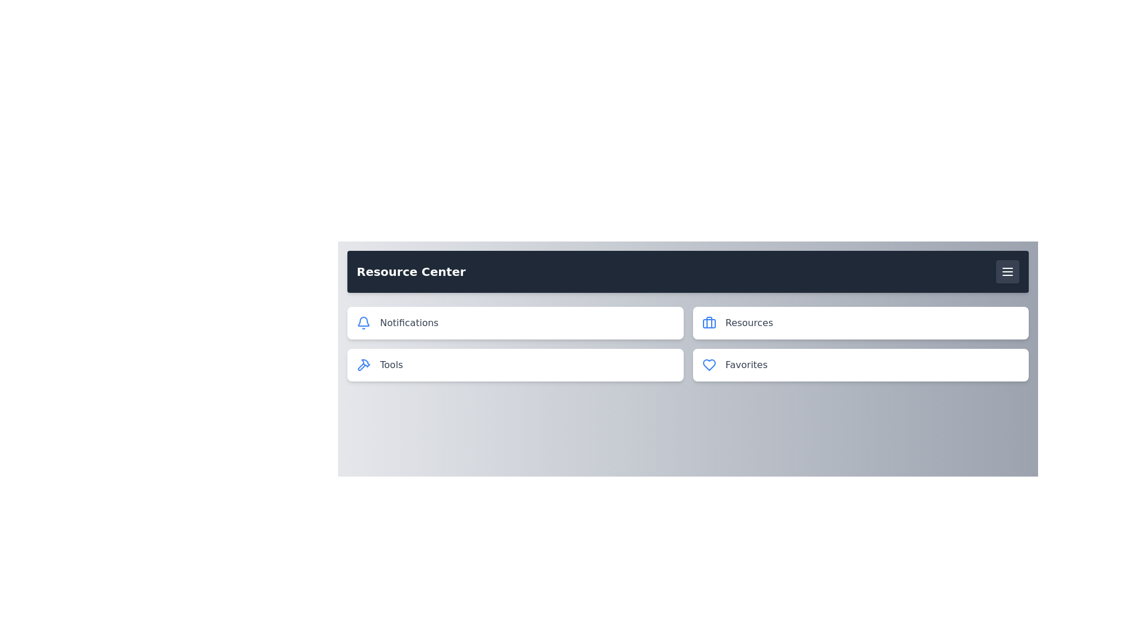  Describe the element at coordinates (861, 364) in the screenshot. I see `the Favorites menu item` at that location.